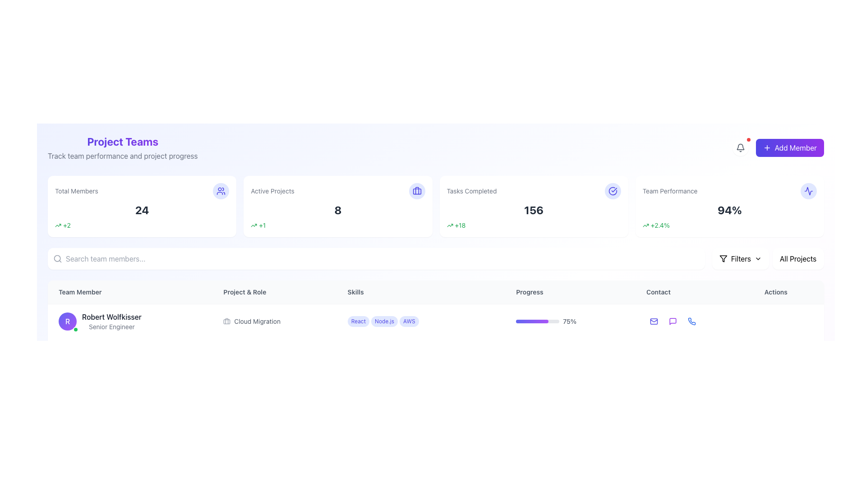  Describe the element at coordinates (778, 147) in the screenshot. I see `the button used to add a new member to the project team, located` at that location.